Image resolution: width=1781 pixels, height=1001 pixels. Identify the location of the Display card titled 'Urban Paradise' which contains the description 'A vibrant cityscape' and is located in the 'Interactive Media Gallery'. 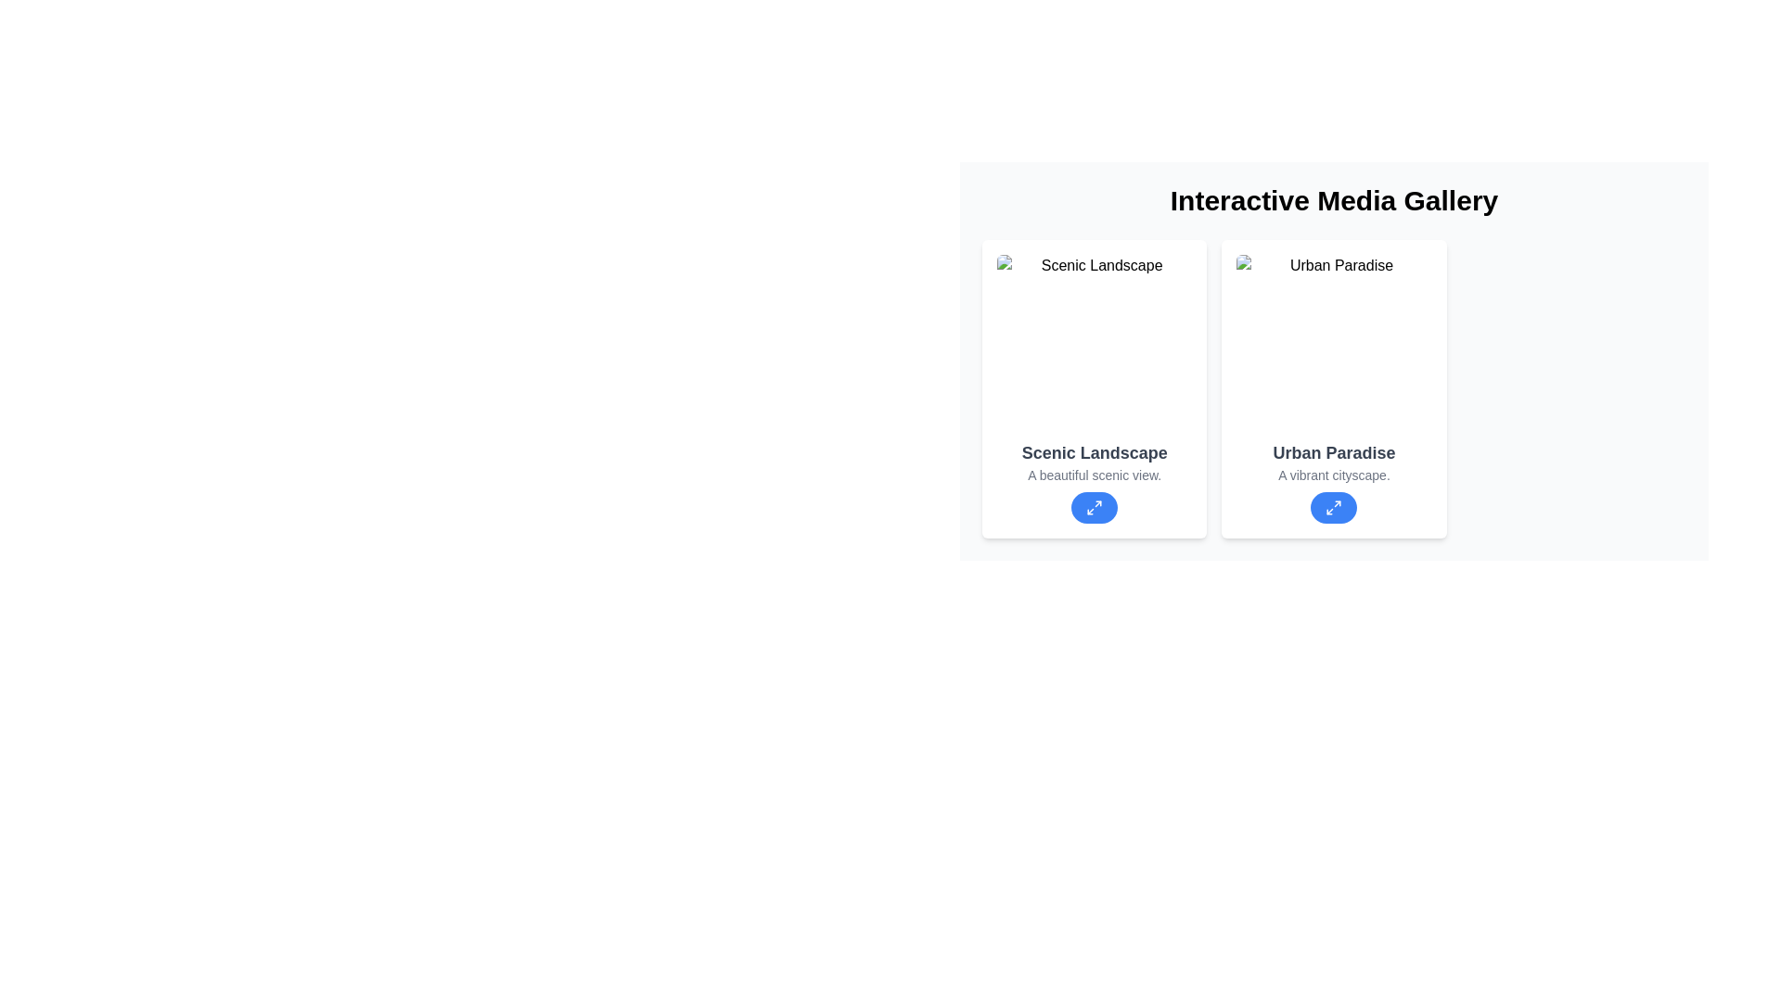
(1333, 388).